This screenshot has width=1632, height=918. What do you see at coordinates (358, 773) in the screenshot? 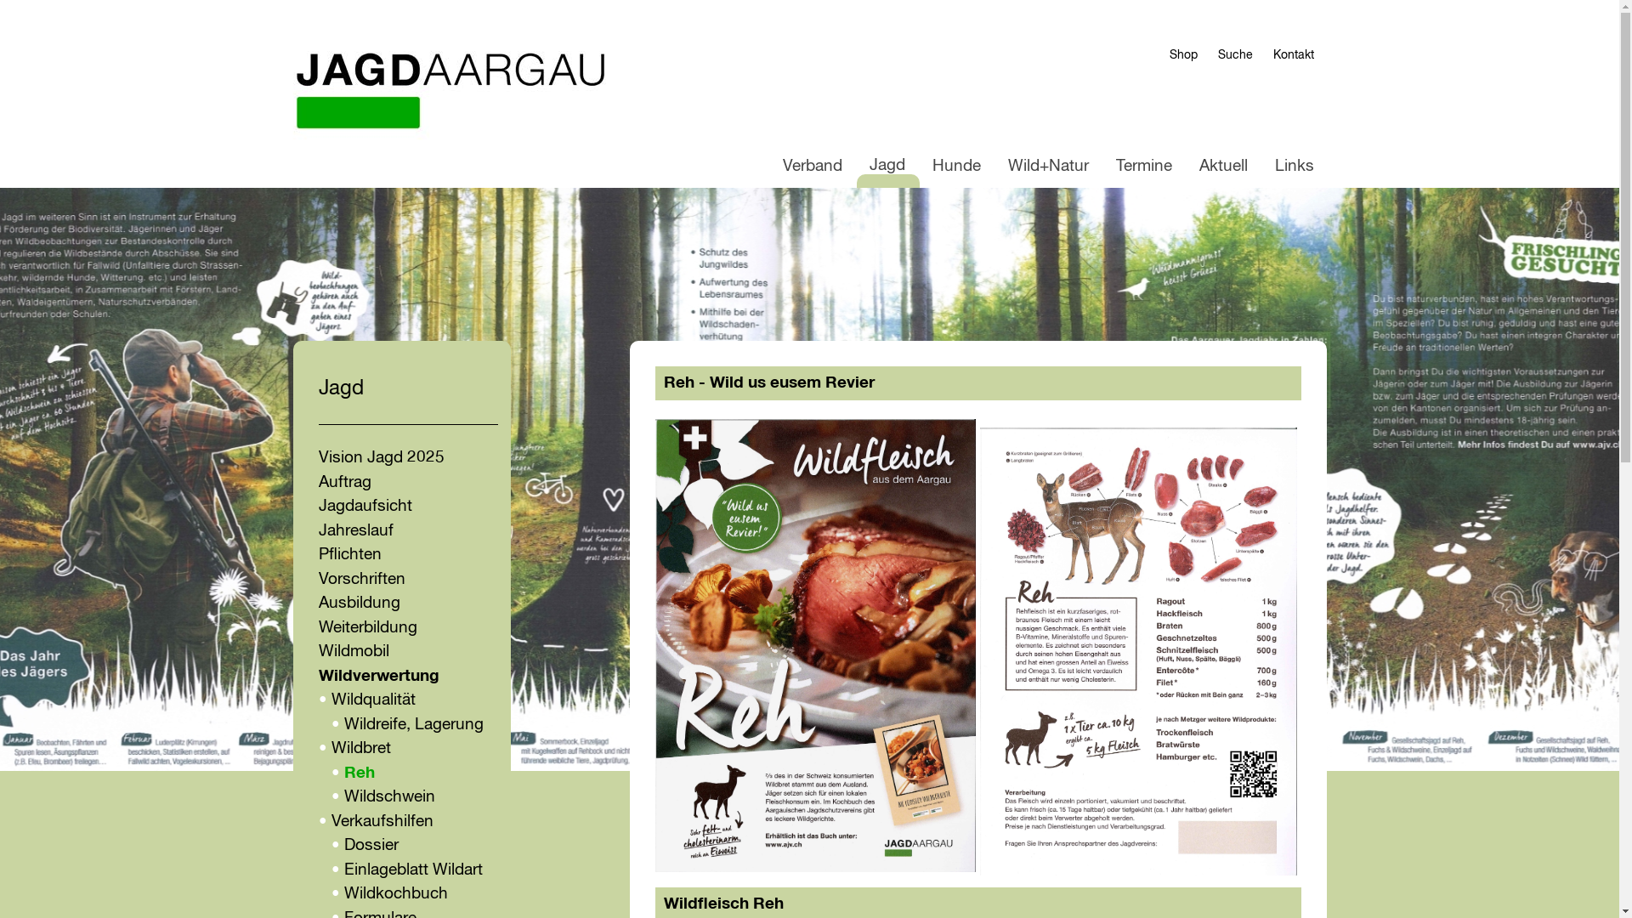
I see `'Reh'` at bounding box center [358, 773].